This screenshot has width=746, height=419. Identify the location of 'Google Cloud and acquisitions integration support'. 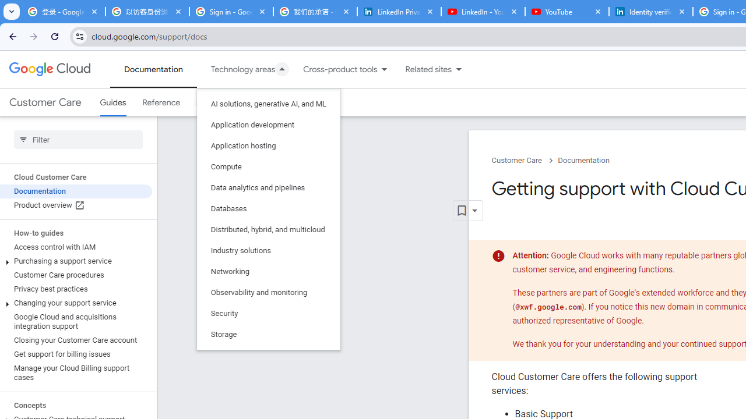
(75, 321).